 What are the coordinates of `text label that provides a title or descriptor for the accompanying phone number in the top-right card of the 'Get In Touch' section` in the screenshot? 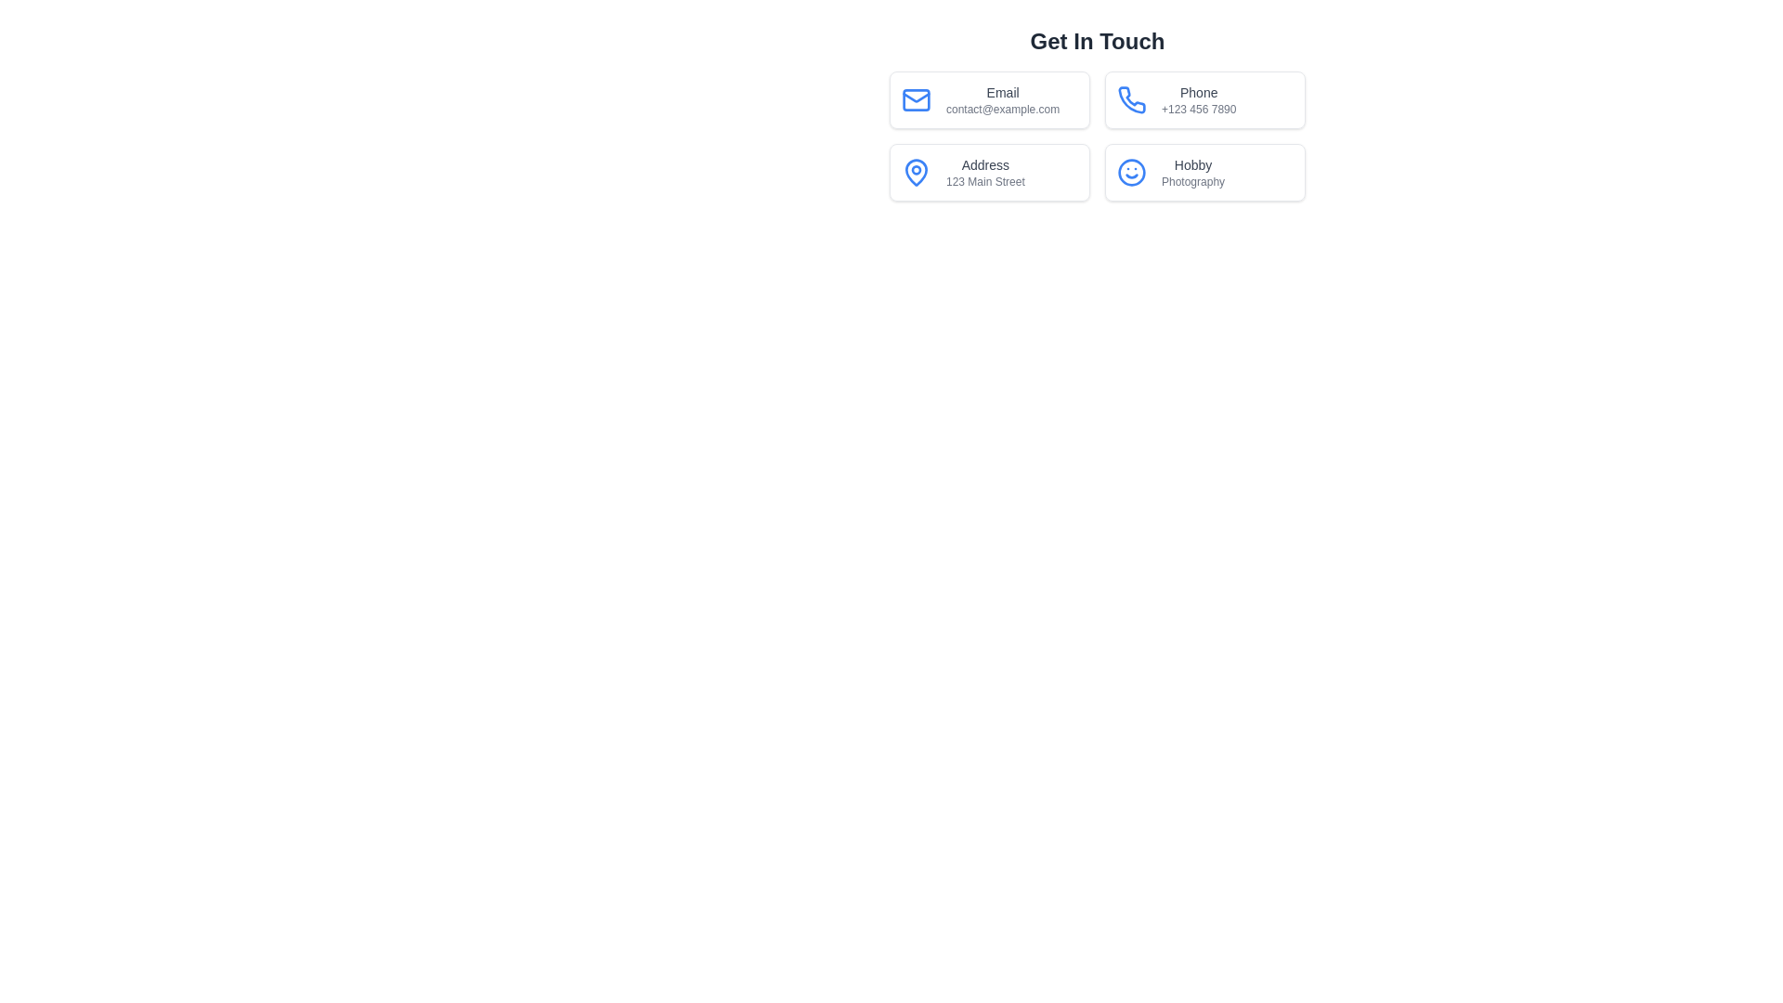 It's located at (1199, 93).